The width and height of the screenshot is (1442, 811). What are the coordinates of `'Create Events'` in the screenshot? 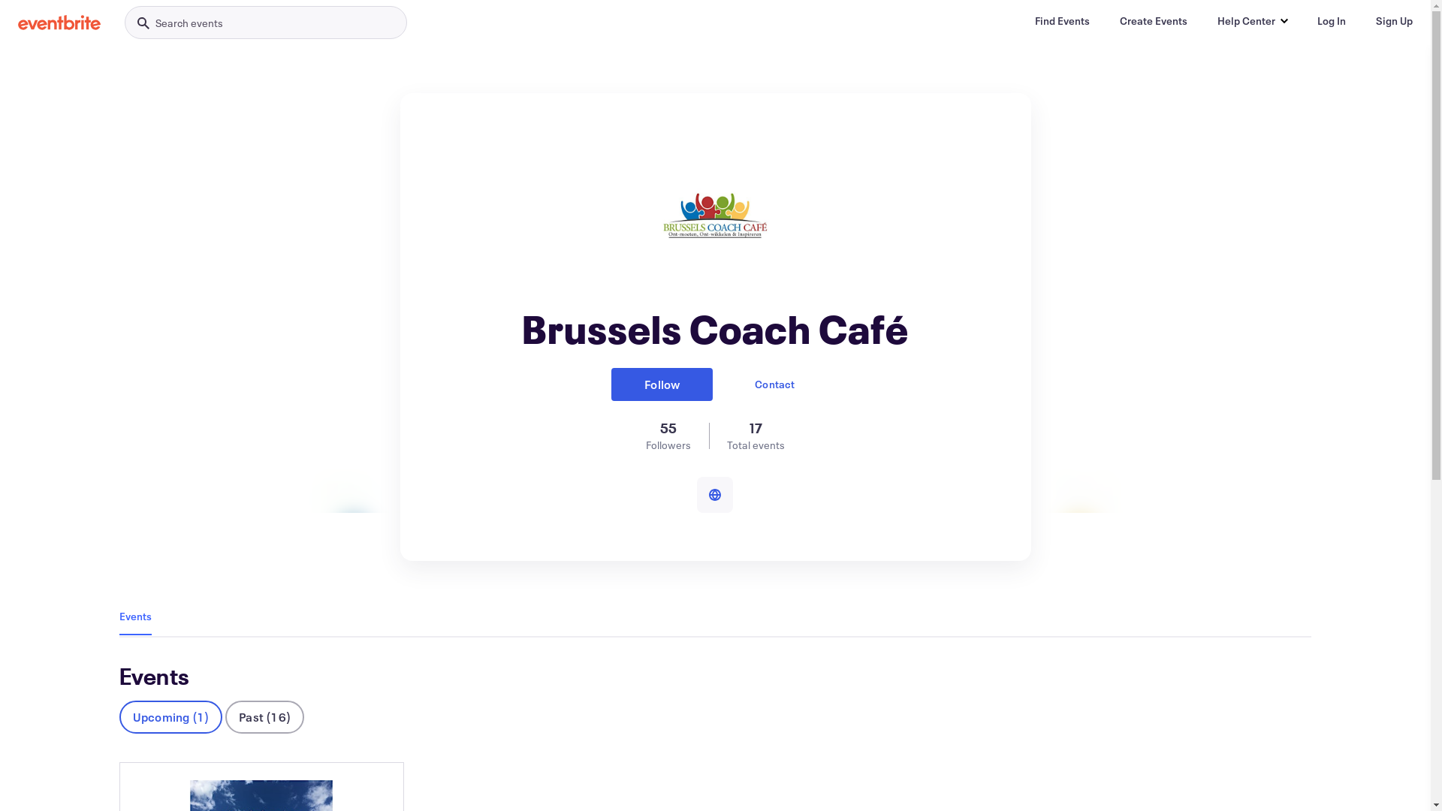 It's located at (1153, 20).